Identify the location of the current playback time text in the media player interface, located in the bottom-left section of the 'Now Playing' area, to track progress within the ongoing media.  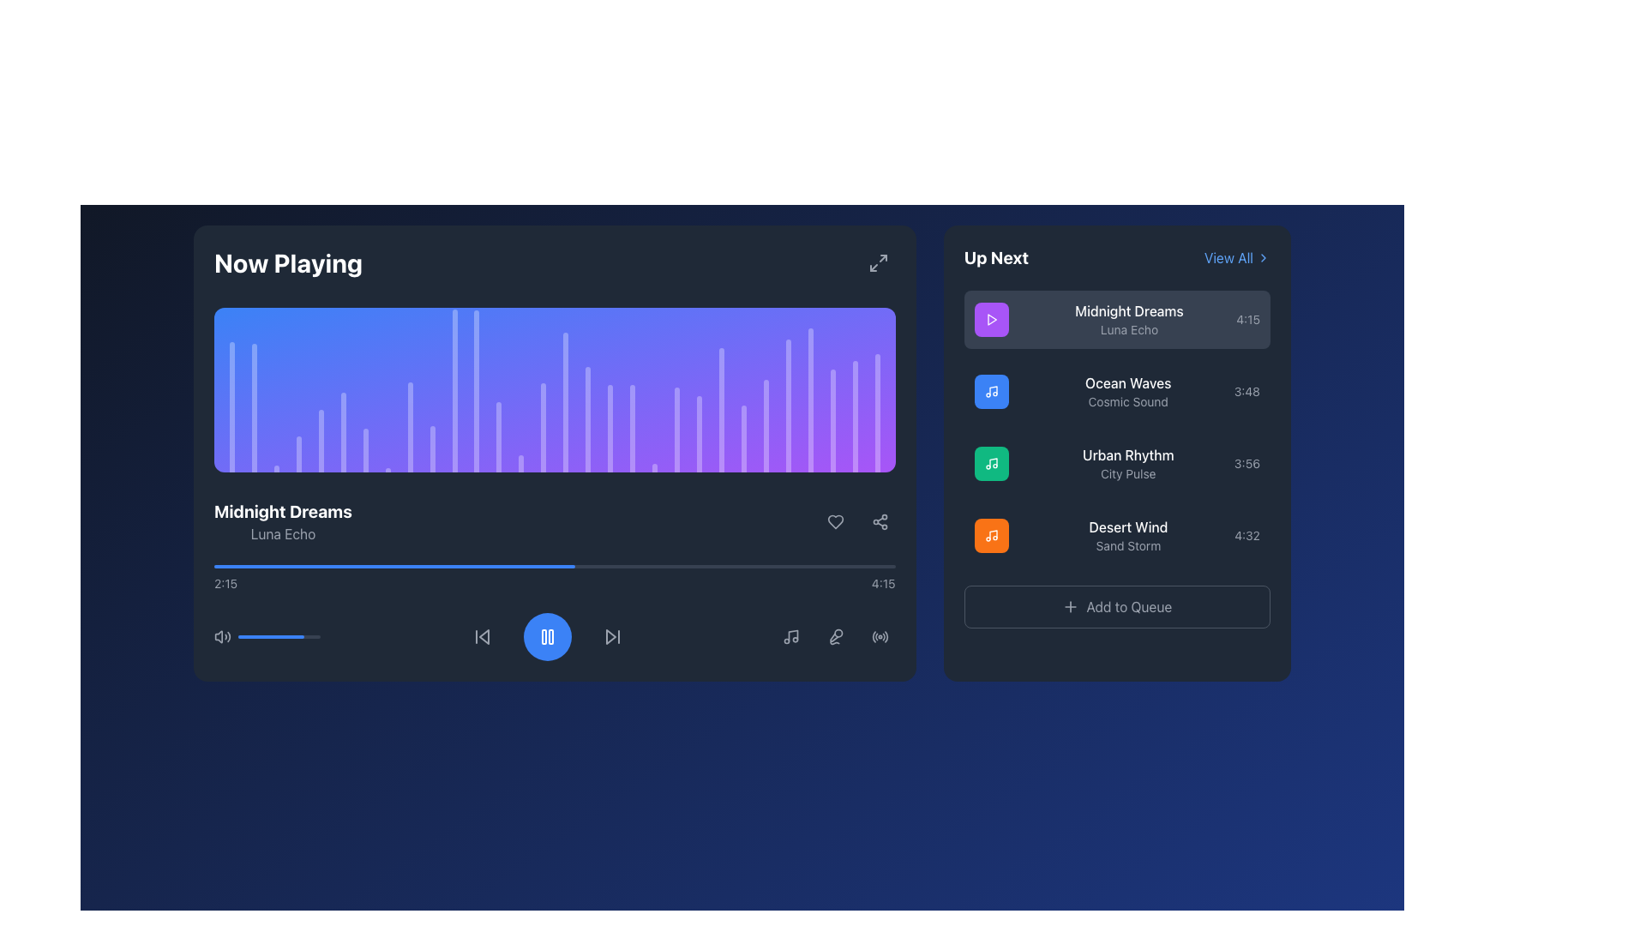
(225, 583).